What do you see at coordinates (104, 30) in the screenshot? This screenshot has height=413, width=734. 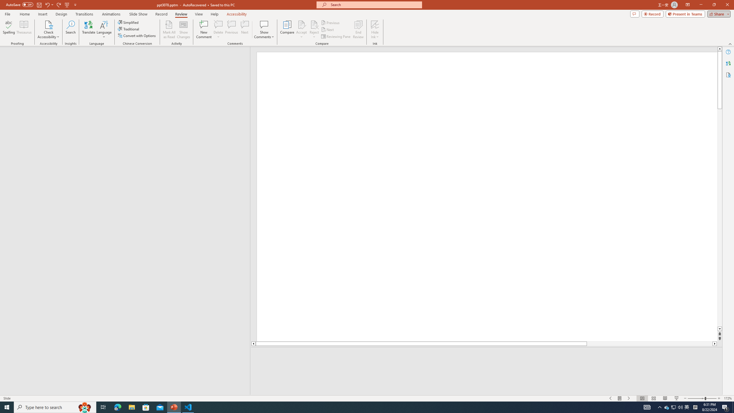 I see `'Language'` at bounding box center [104, 30].